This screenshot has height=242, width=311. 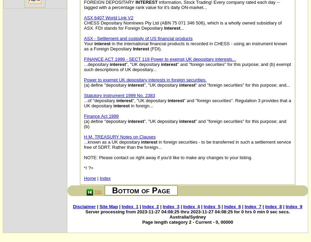 I want to click on 'Index_1', so click(x=130, y=206).